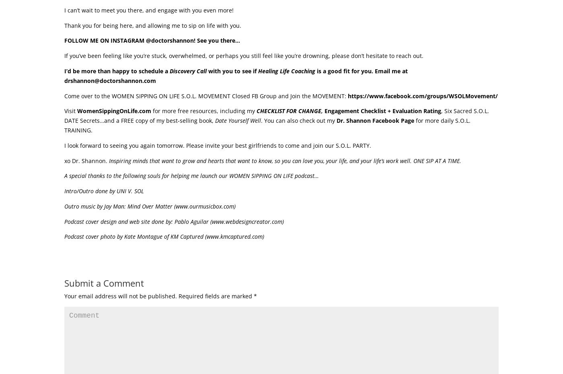  Describe the element at coordinates (383, 110) in the screenshot. I see `'Engagement Checklist + Evaluation Rating'` at that location.